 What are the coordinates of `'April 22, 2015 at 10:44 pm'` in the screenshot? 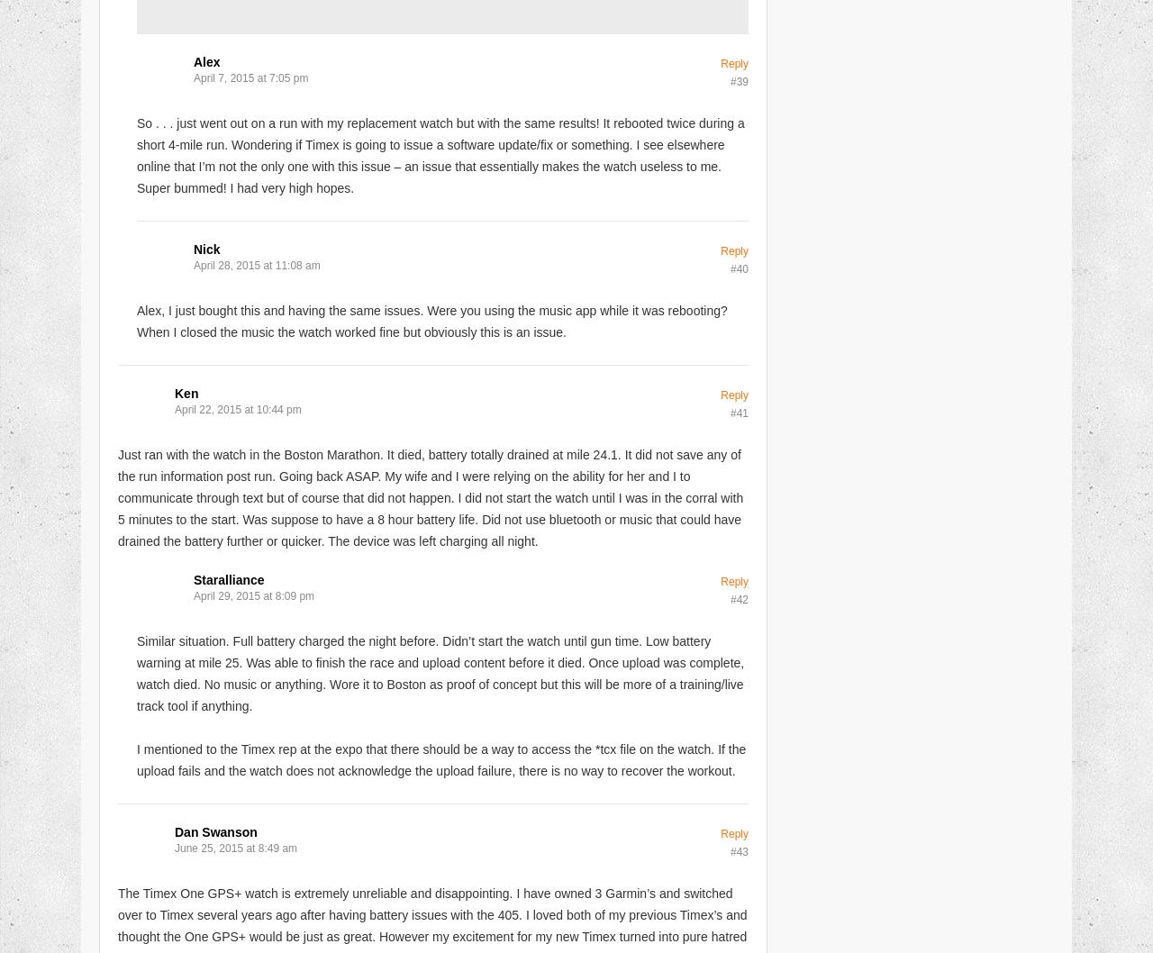 It's located at (236, 407).